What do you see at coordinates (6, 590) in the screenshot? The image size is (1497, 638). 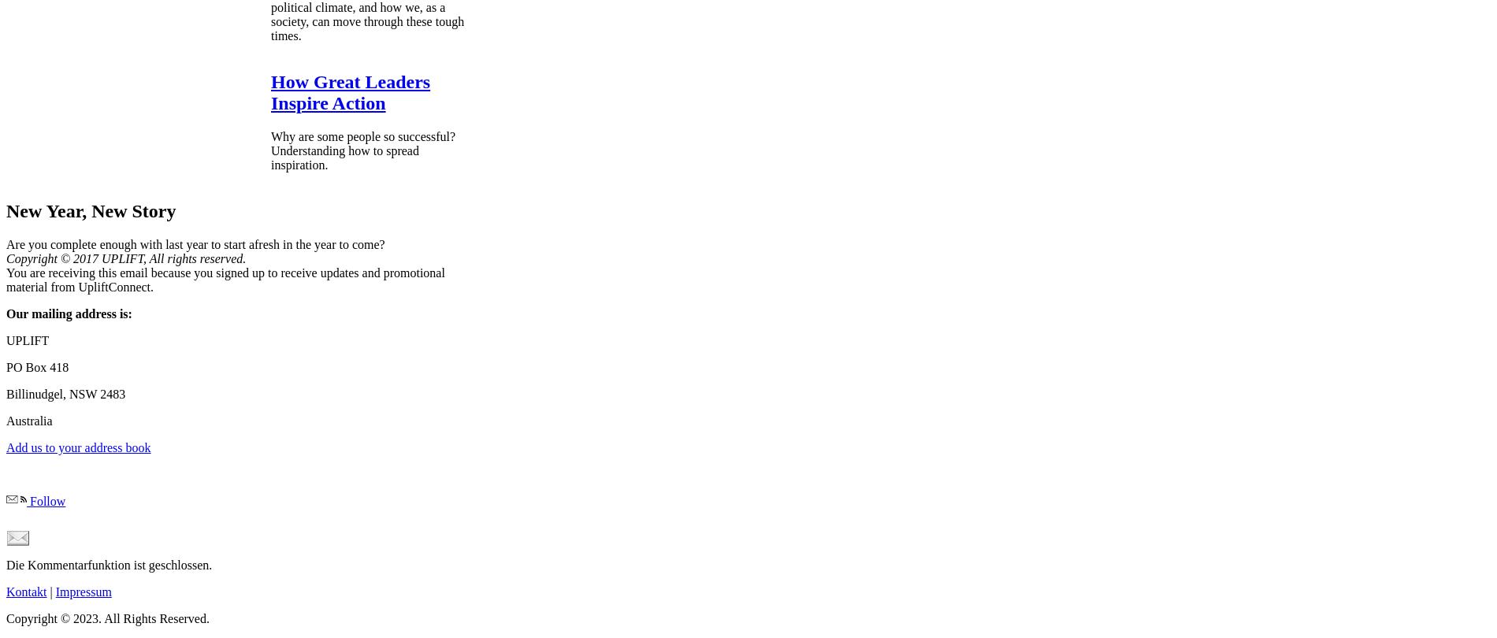 I see `'Kontakt'` at bounding box center [6, 590].